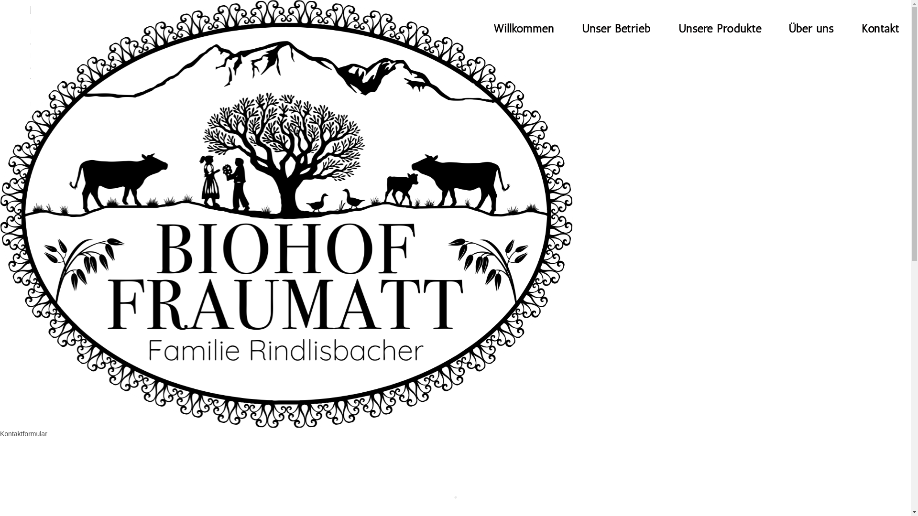 The width and height of the screenshot is (918, 516). What do you see at coordinates (880, 28) in the screenshot?
I see `'Kontakt'` at bounding box center [880, 28].